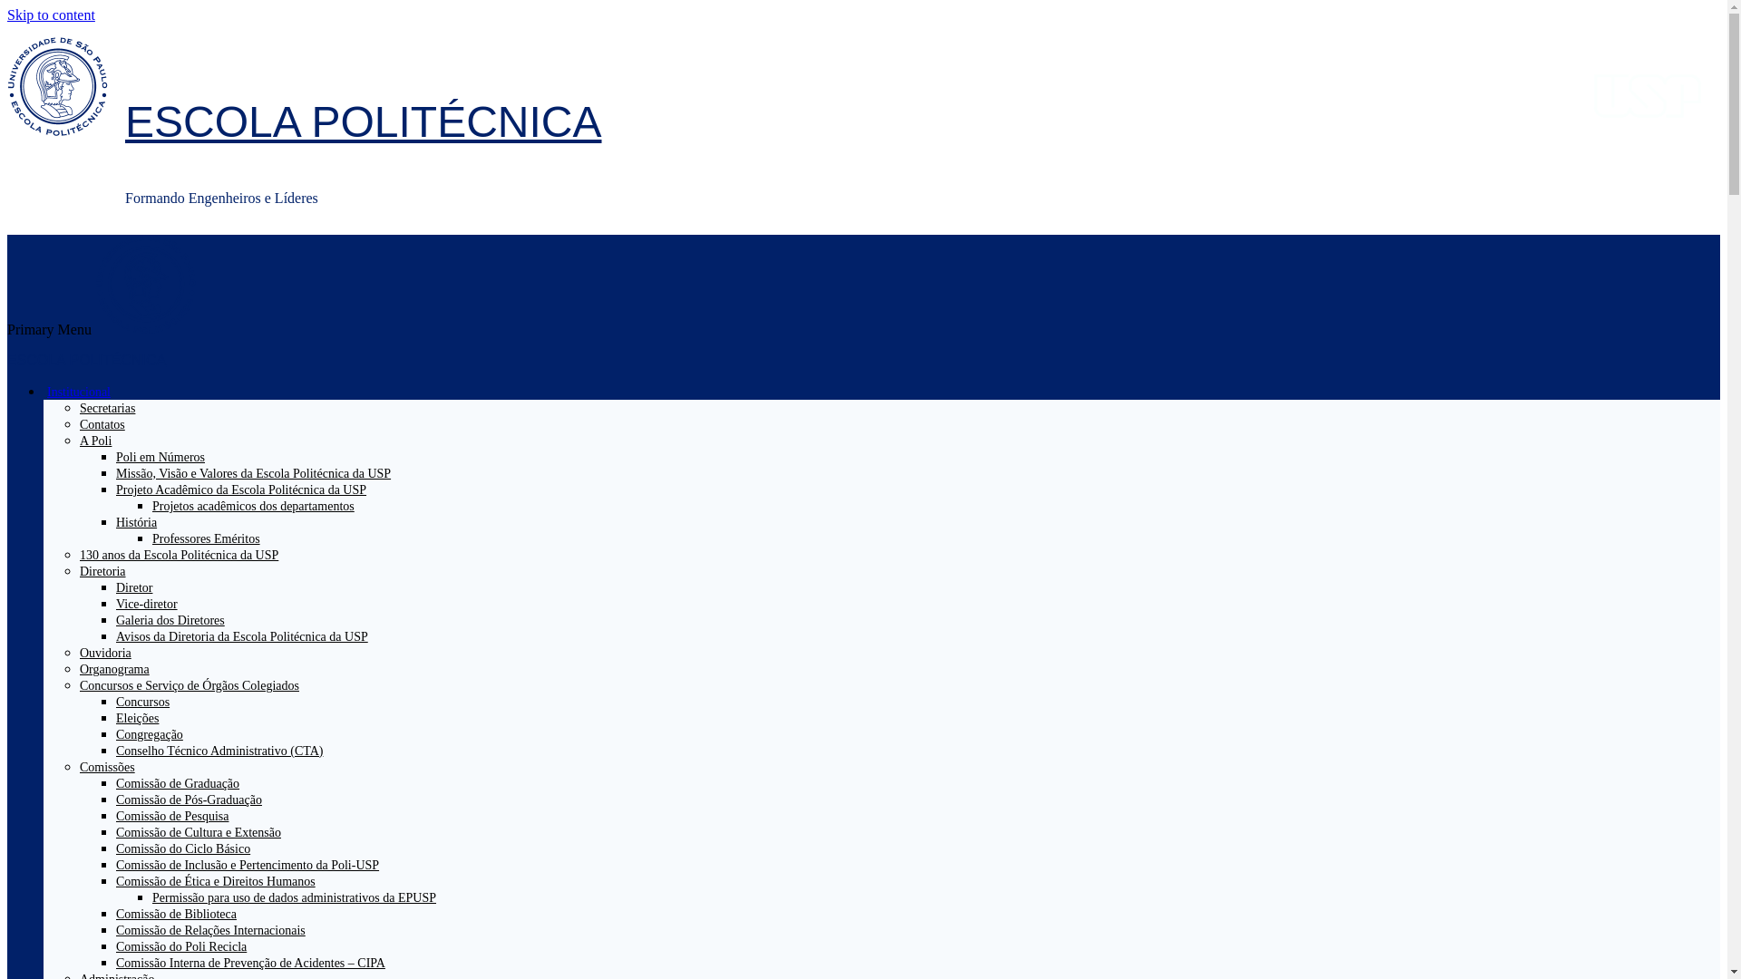 This screenshot has height=979, width=1741. I want to click on 'Secretarias', so click(106, 408).